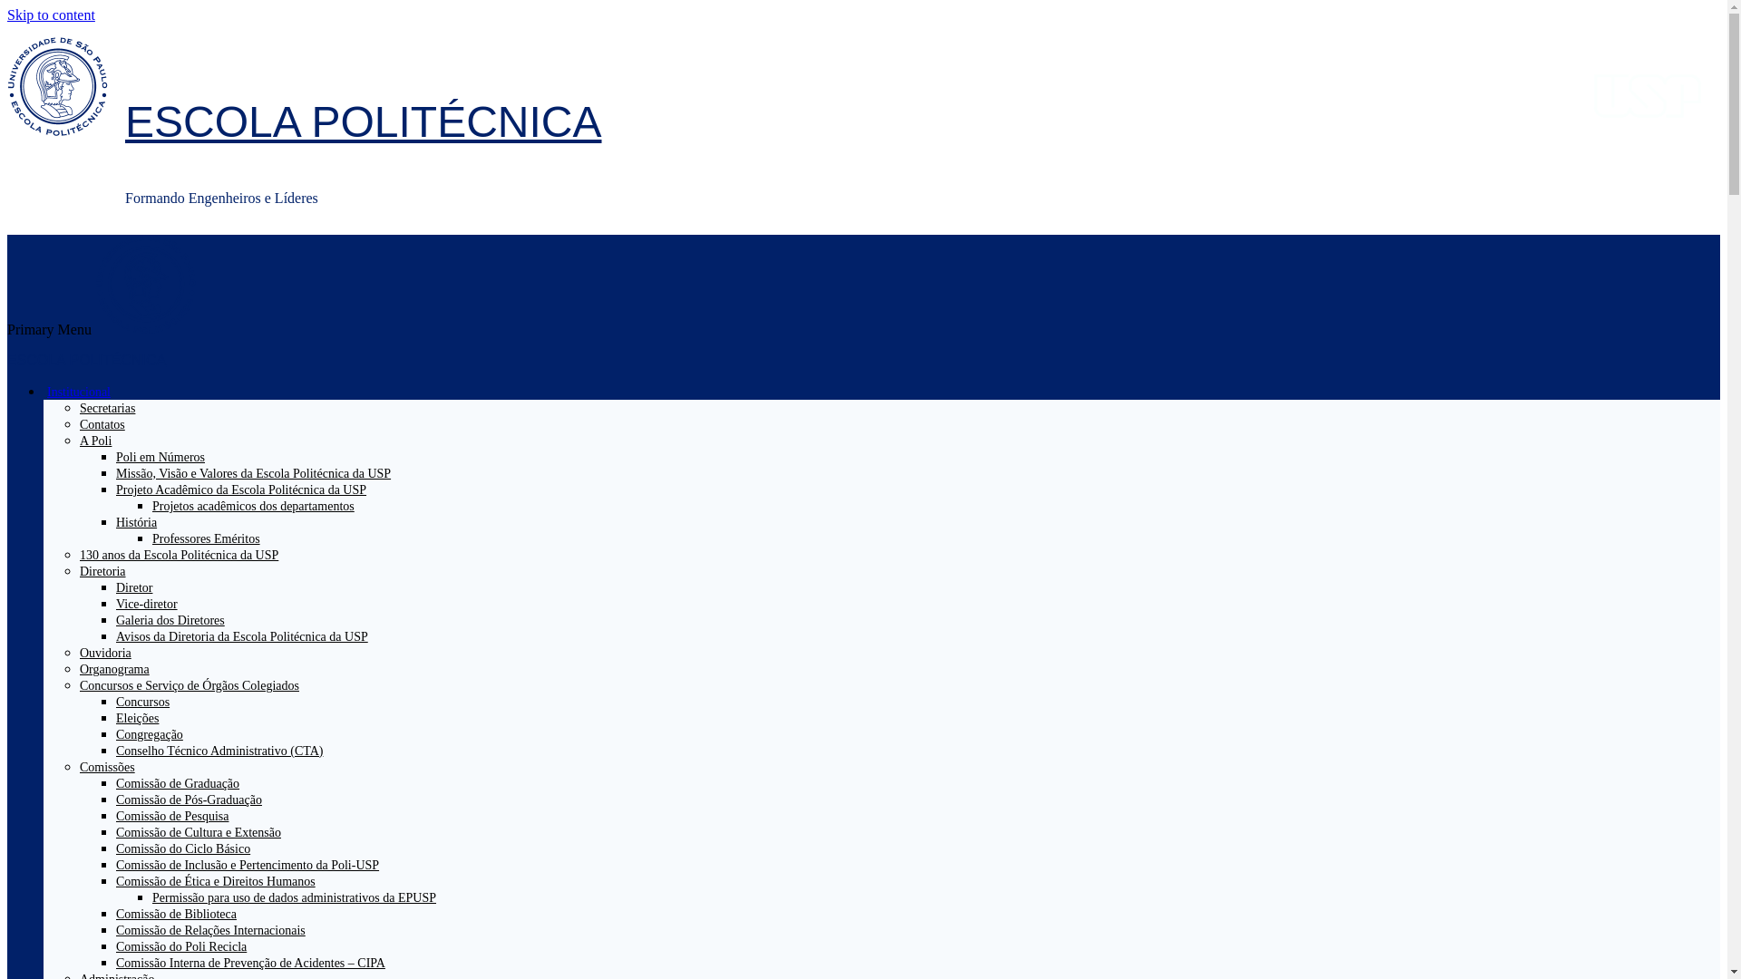 This screenshot has height=979, width=1741. I want to click on 'Secretarias', so click(106, 408).